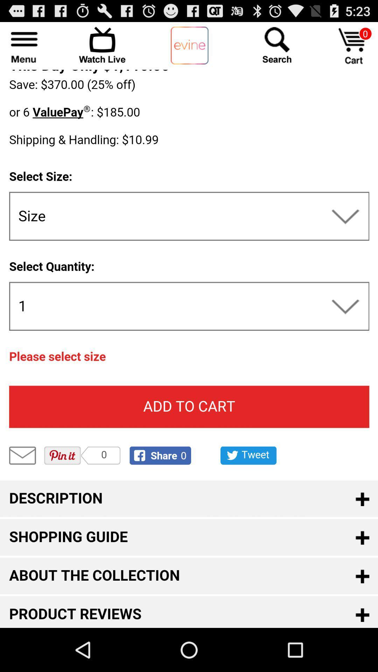  I want to click on evine, so click(189, 45).